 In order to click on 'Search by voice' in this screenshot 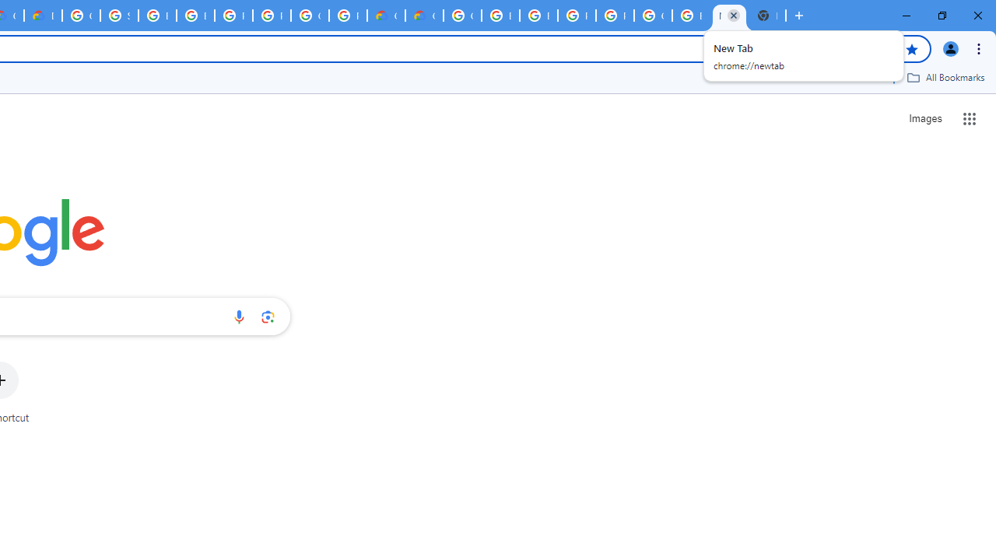, I will do `click(238, 316)`.